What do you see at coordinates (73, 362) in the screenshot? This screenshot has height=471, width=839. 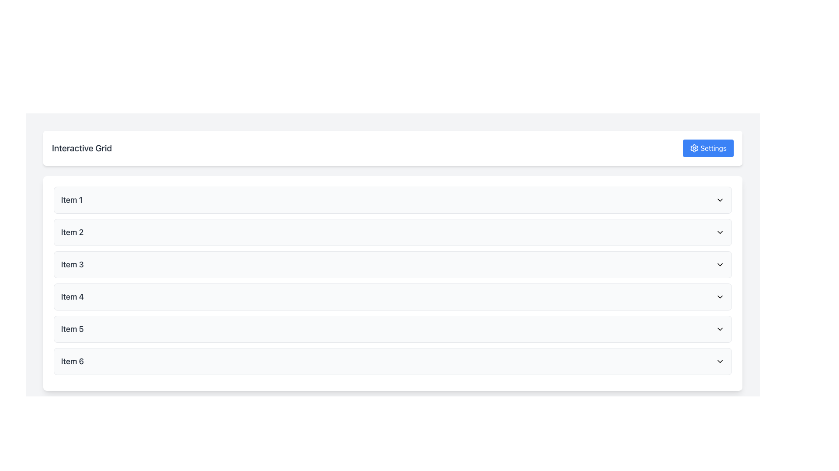 I see `text content of the text label displaying 'Item 6', which is styled in gray and located as the left text component in the sixth row of a vertical list` at bounding box center [73, 362].